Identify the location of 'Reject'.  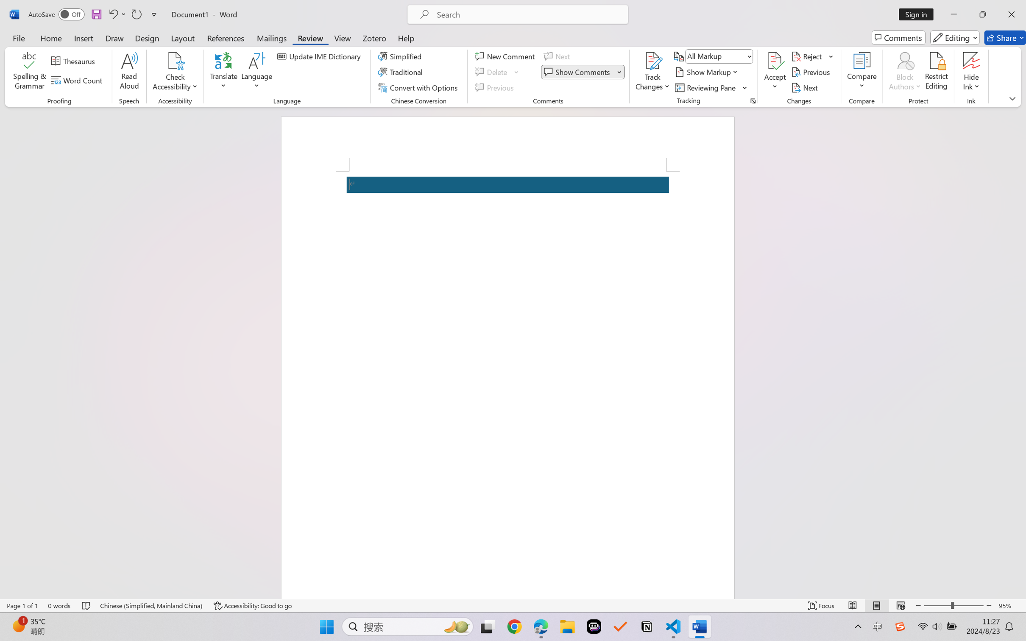
(812, 56).